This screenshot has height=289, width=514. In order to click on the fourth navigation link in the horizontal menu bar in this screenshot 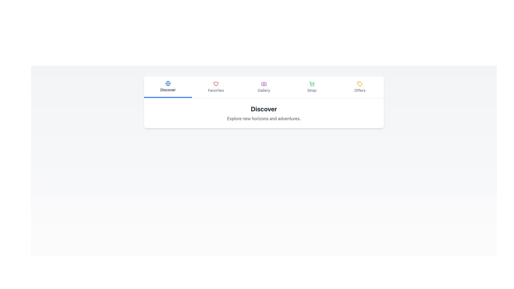, I will do `click(312, 87)`.